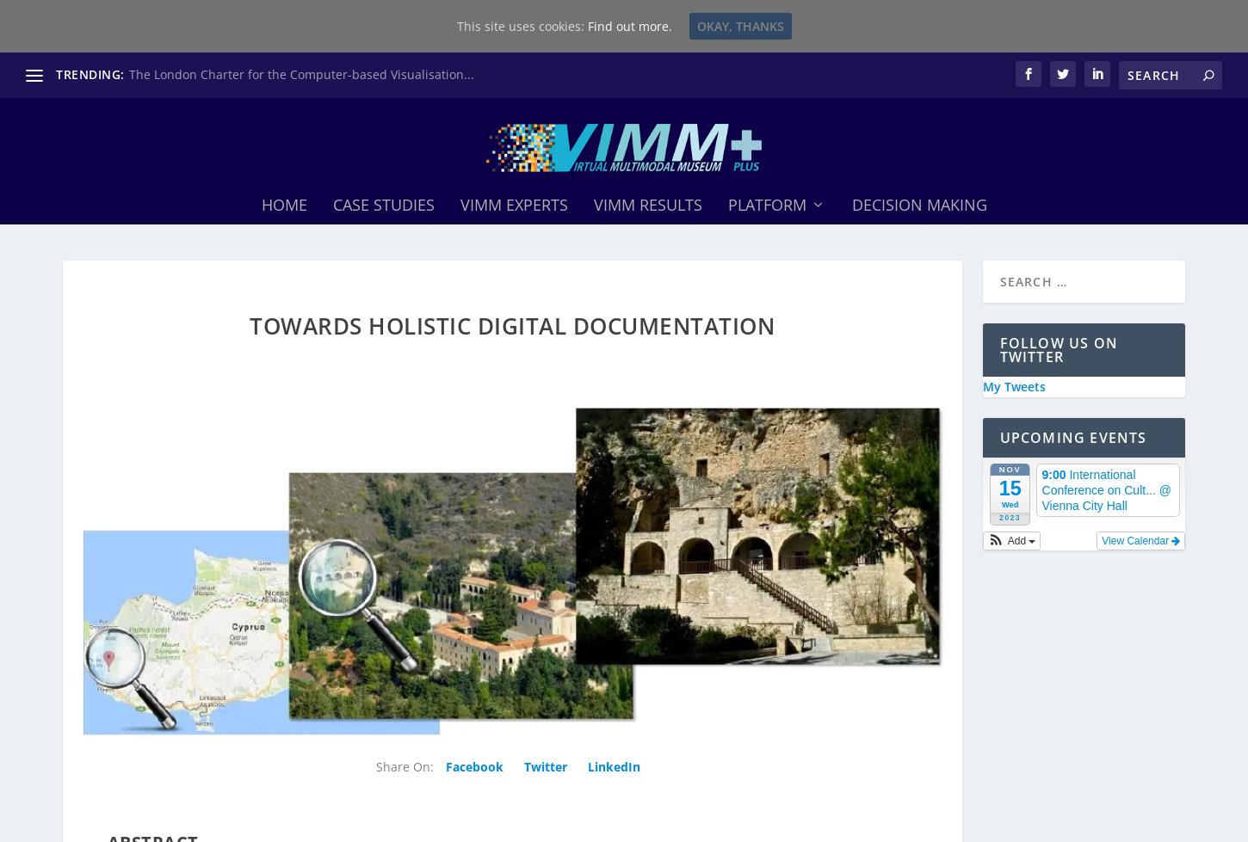  I want to click on 'ViMM Experts', so click(513, 211).